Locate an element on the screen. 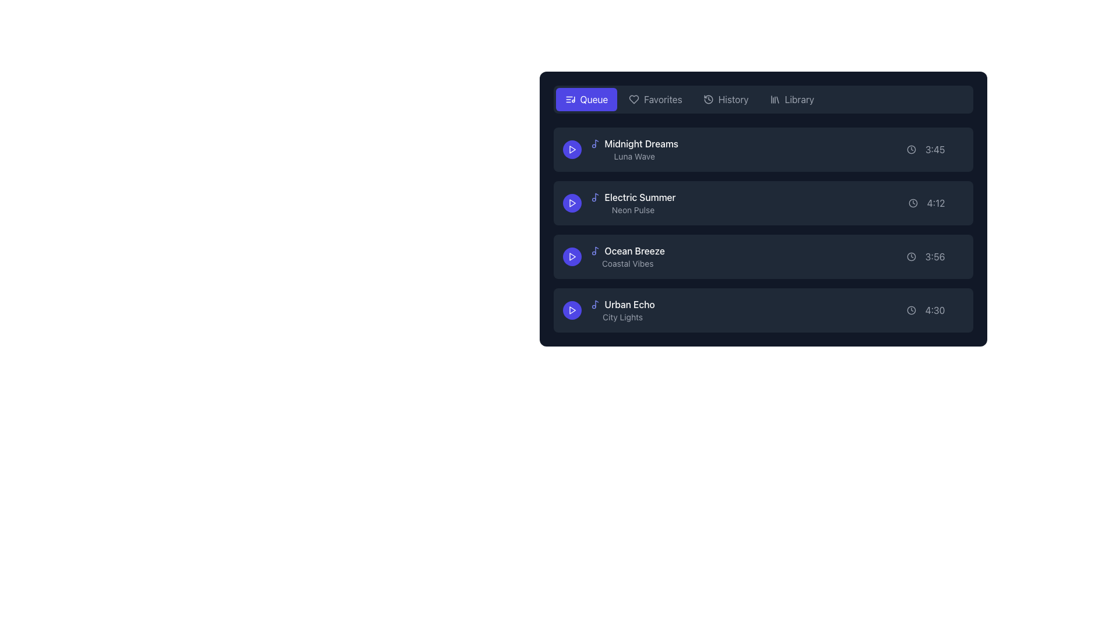 The image size is (1119, 629). the 'Favorites' button, which features a heart icon and is positioned between the 'Queue' and 'History' buttons in a horizontal list is located at coordinates (655, 98).